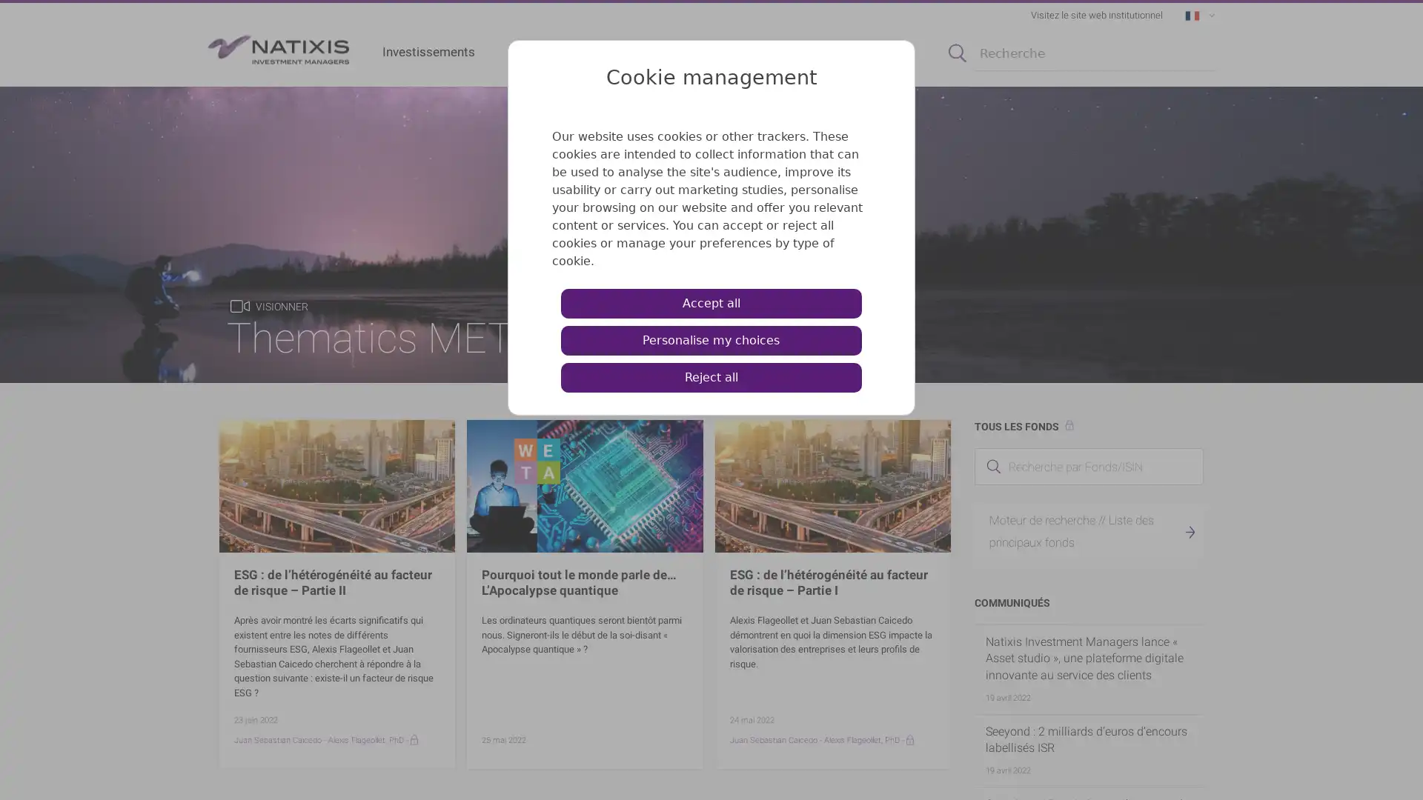 The image size is (1423, 800). What do you see at coordinates (710, 302) in the screenshot?
I see `Accept all` at bounding box center [710, 302].